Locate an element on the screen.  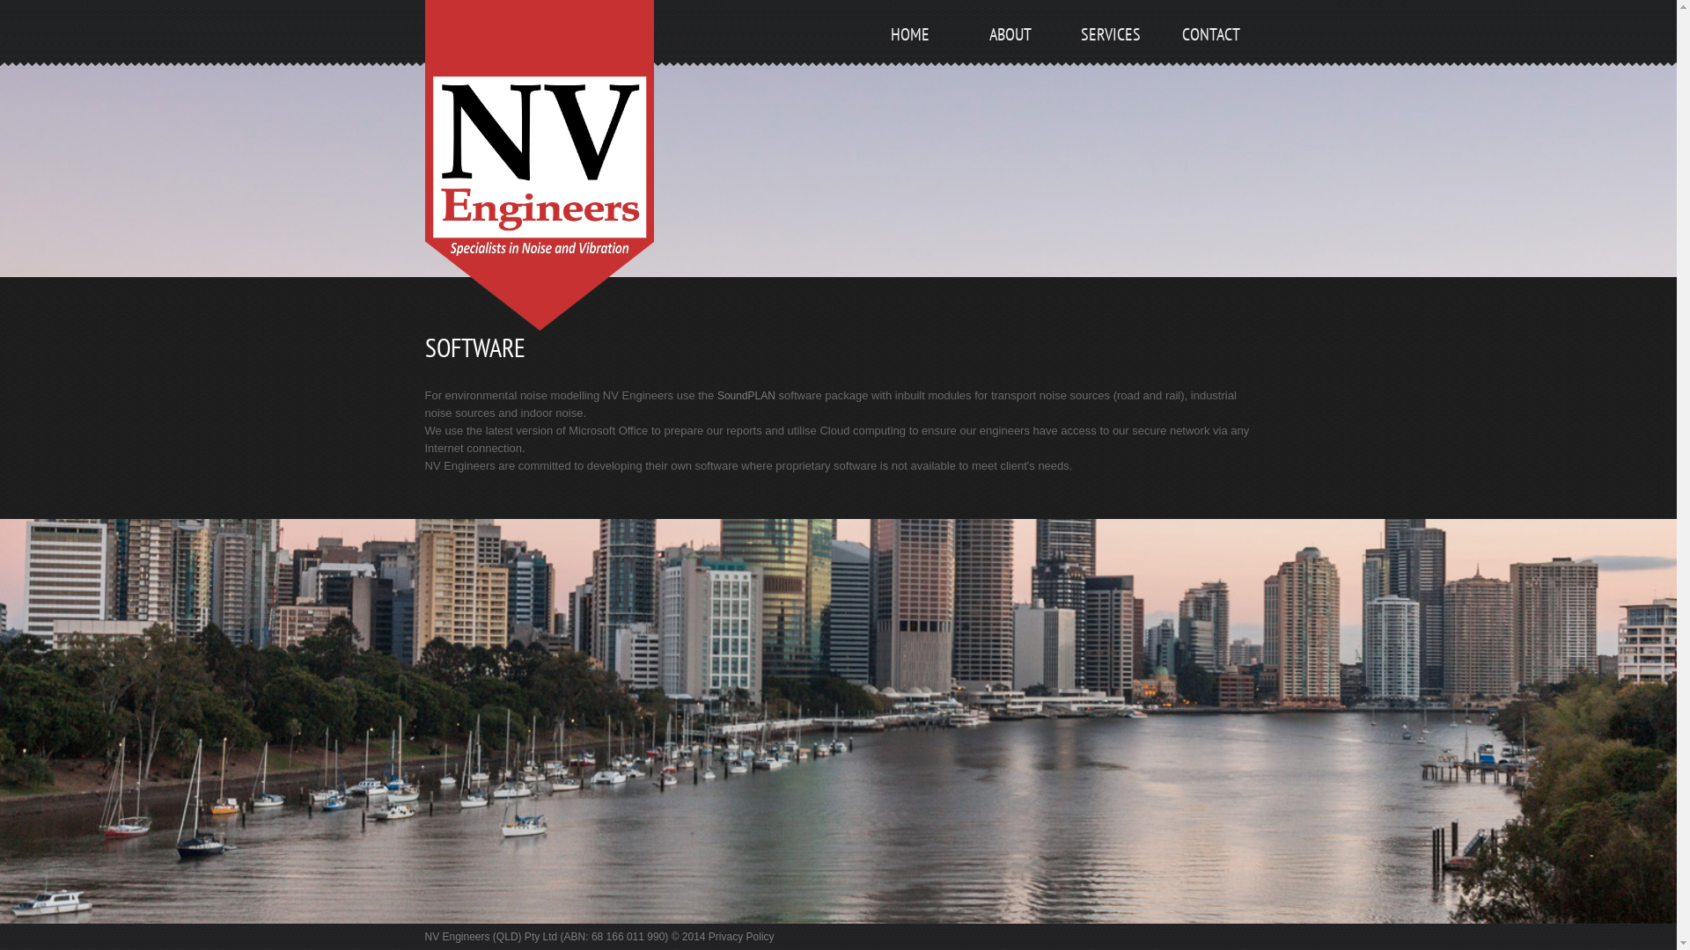
'Privacy Policy' is located at coordinates (709, 935).